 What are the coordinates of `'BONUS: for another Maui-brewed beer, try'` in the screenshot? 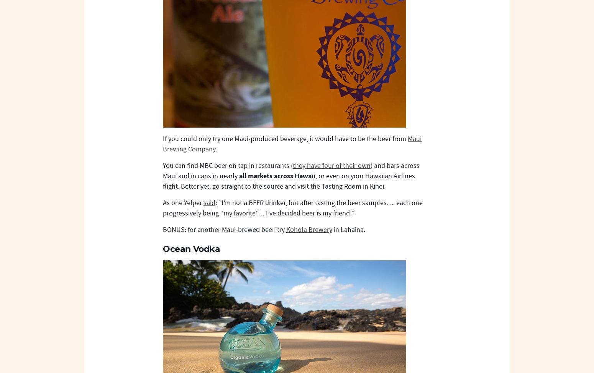 It's located at (163, 230).